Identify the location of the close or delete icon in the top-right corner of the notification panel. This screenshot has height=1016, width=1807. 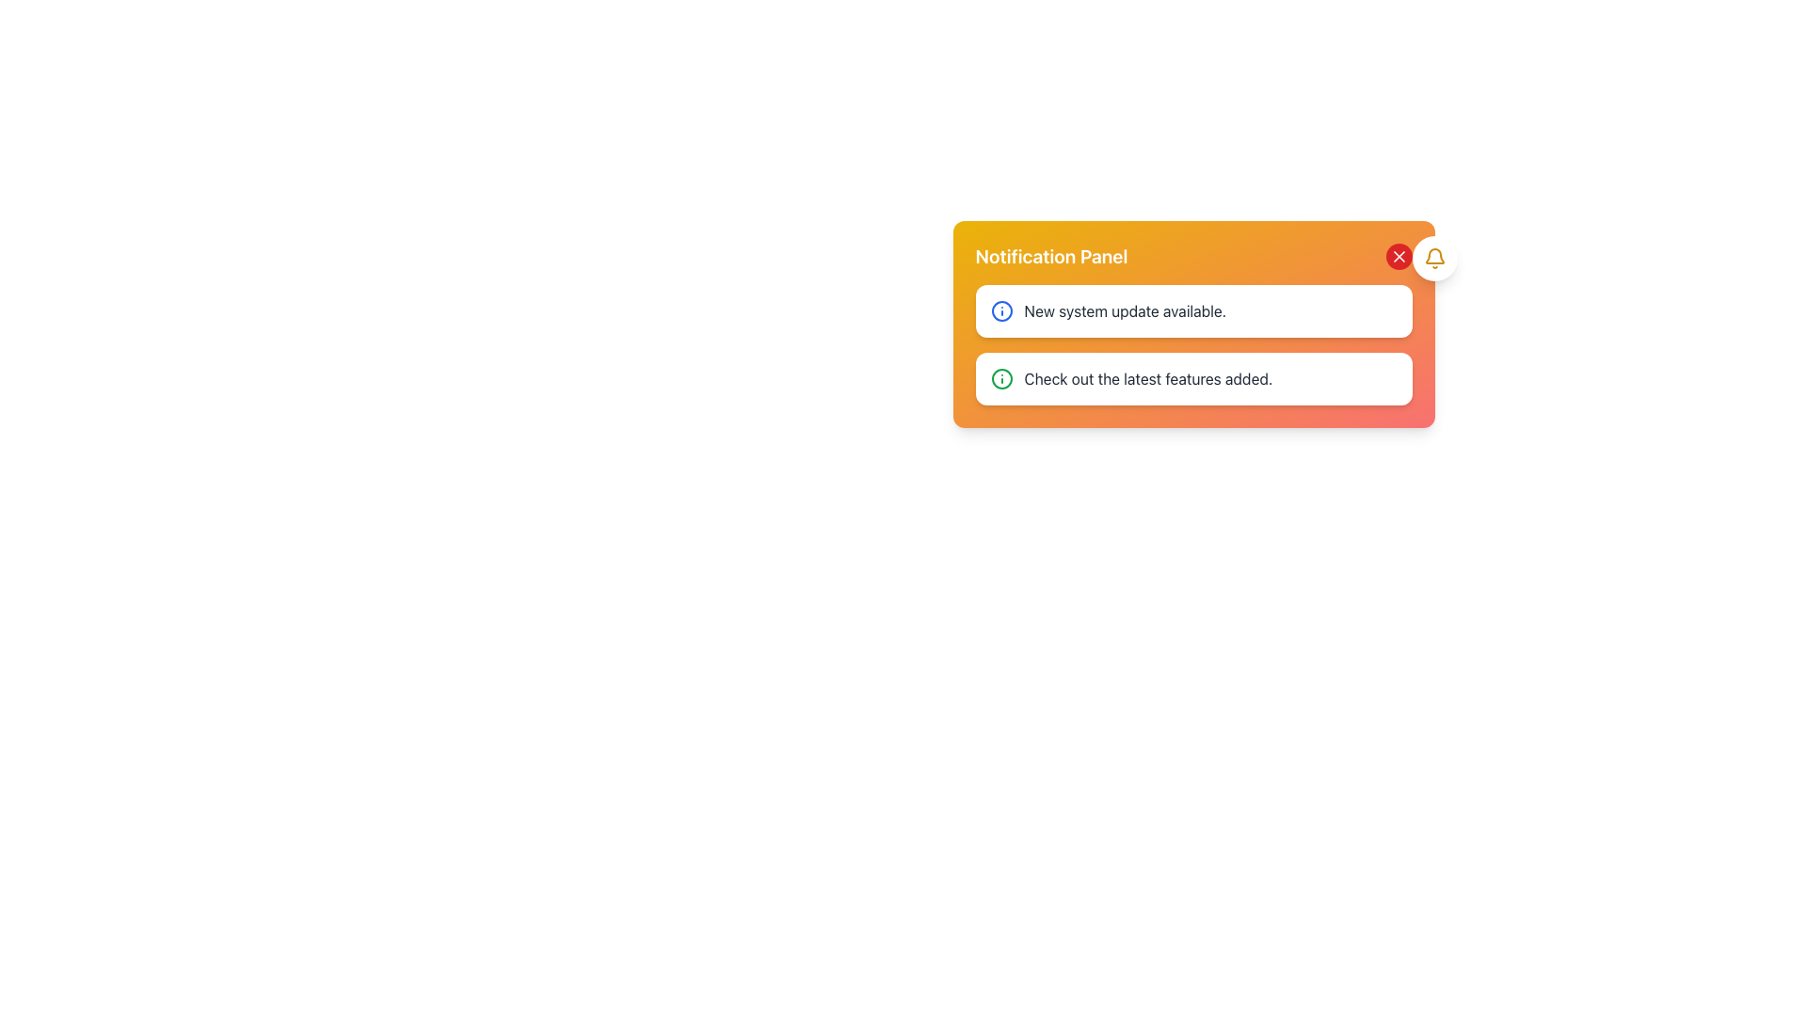
(1399, 257).